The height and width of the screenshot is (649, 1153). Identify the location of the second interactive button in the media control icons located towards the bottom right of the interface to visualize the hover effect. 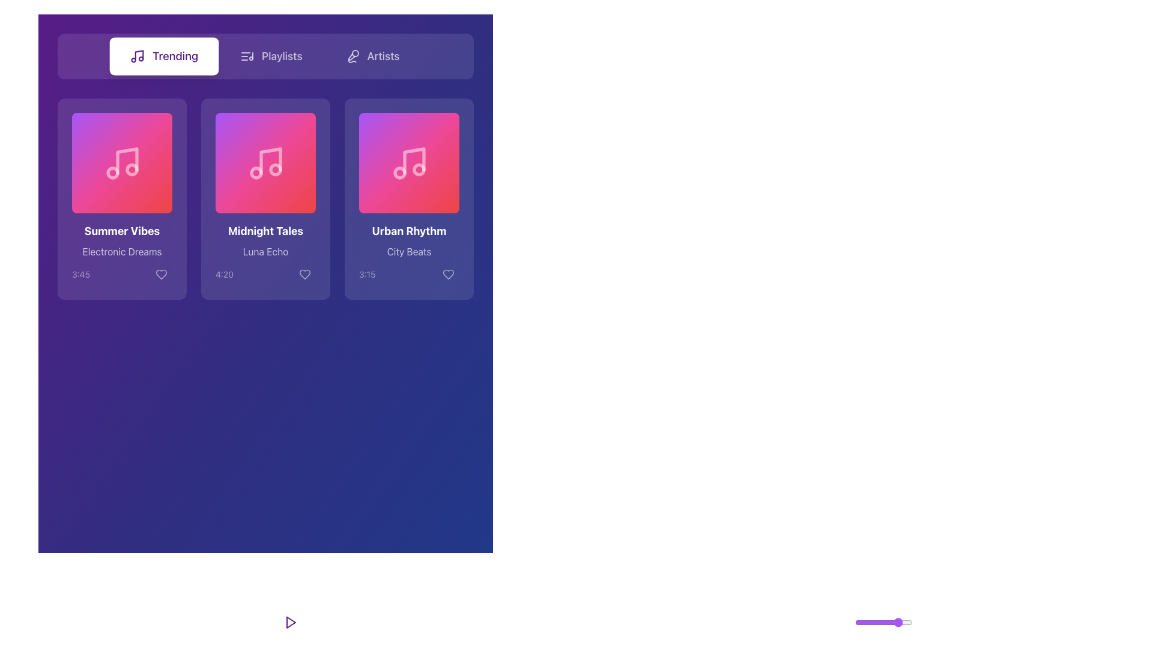
(817, 622).